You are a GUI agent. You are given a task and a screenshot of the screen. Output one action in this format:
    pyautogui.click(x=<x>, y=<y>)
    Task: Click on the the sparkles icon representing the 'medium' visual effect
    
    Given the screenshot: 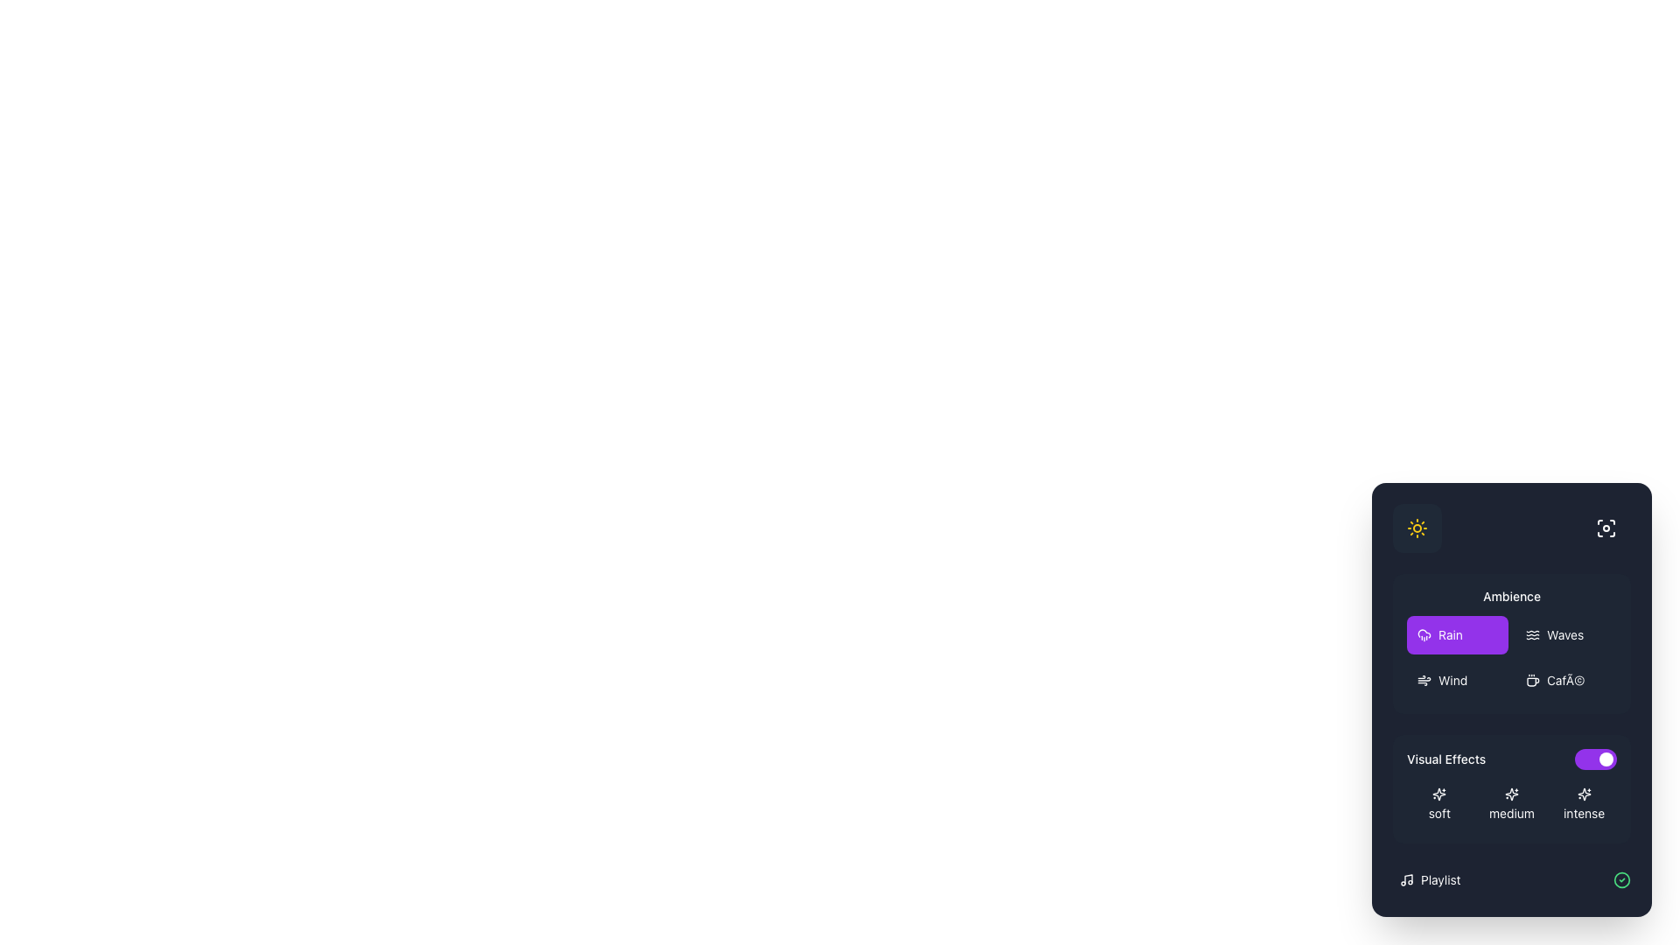 What is the action you would take?
    pyautogui.click(x=1511, y=794)
    